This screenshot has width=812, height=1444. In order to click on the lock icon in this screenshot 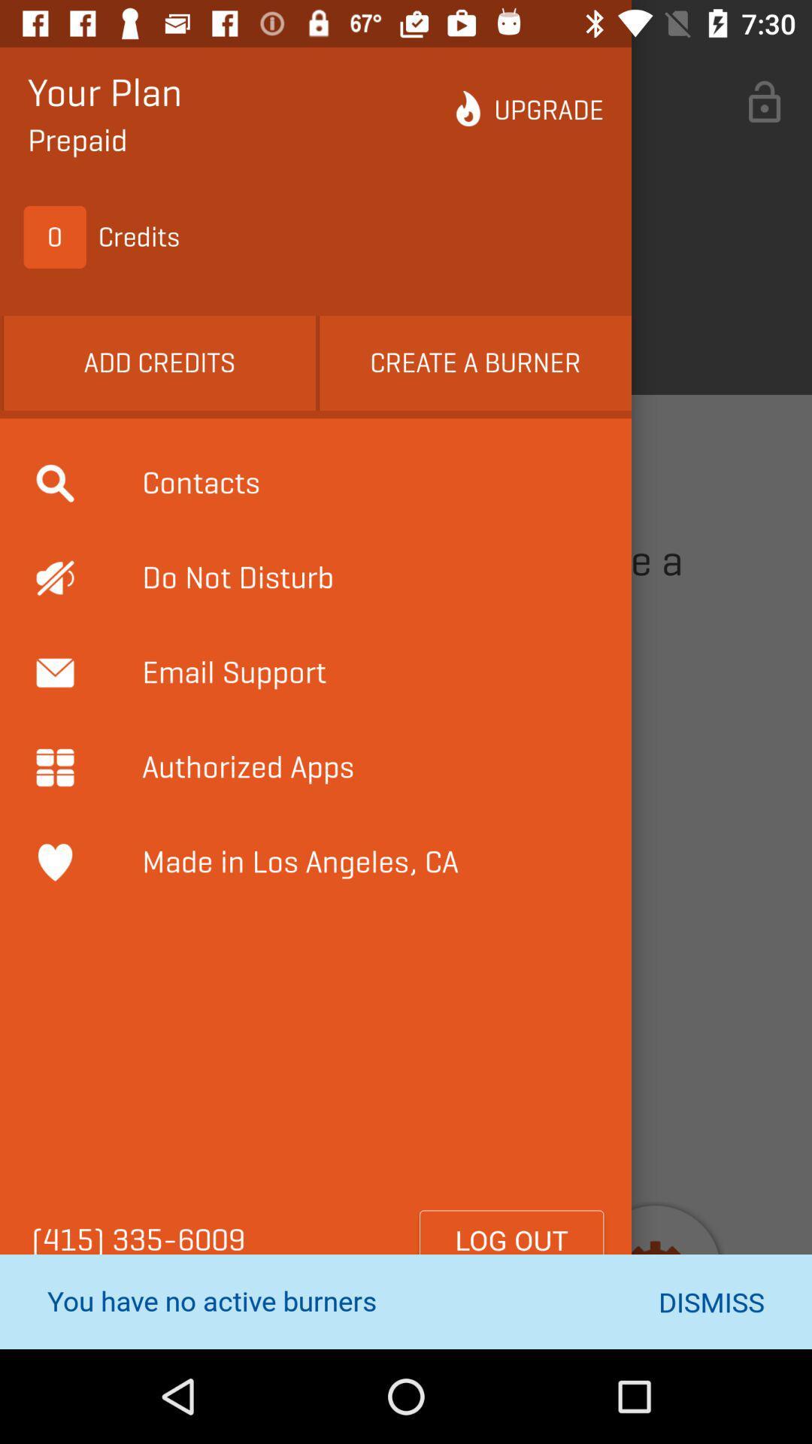, I will do `click(765, 102)`.